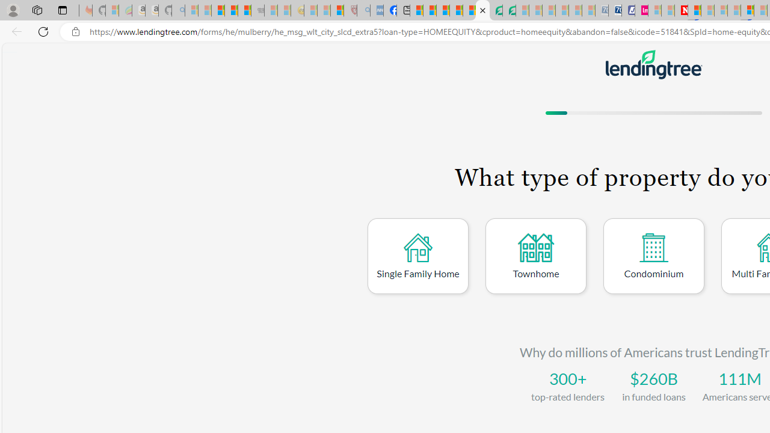 The image size is (770, 433). What do you see at coordinates (218, 10) in the screenshot?
I see `'The Weather Channel - MSN'` at bounding box center [218, 10].